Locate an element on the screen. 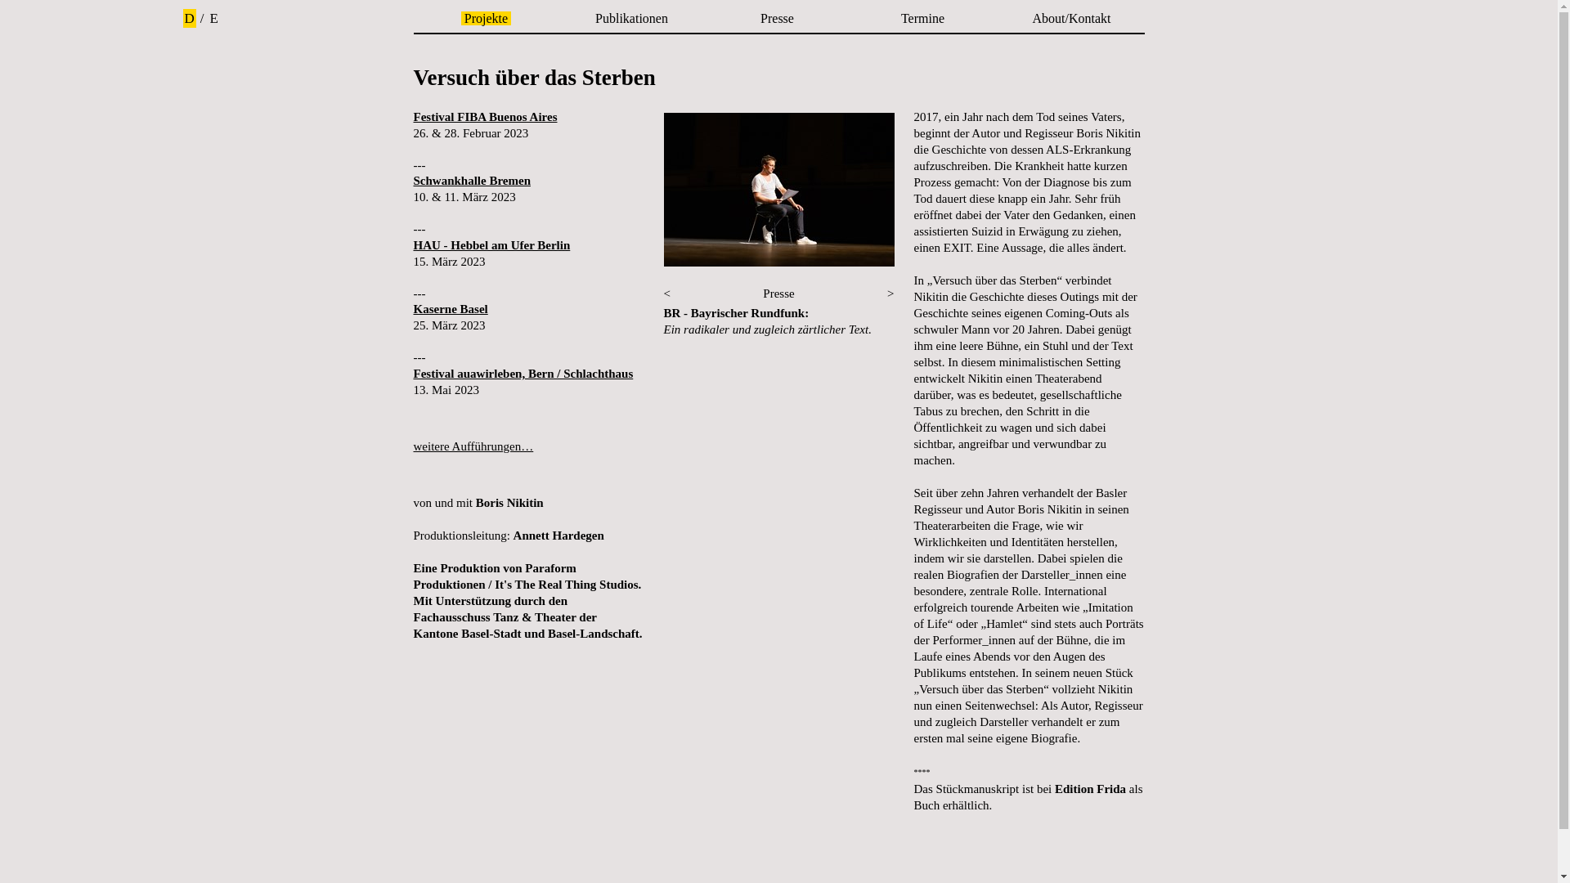 The height and width of the screenshot is (883, 1570). 'Termine' is located at coordinates (922, 18).